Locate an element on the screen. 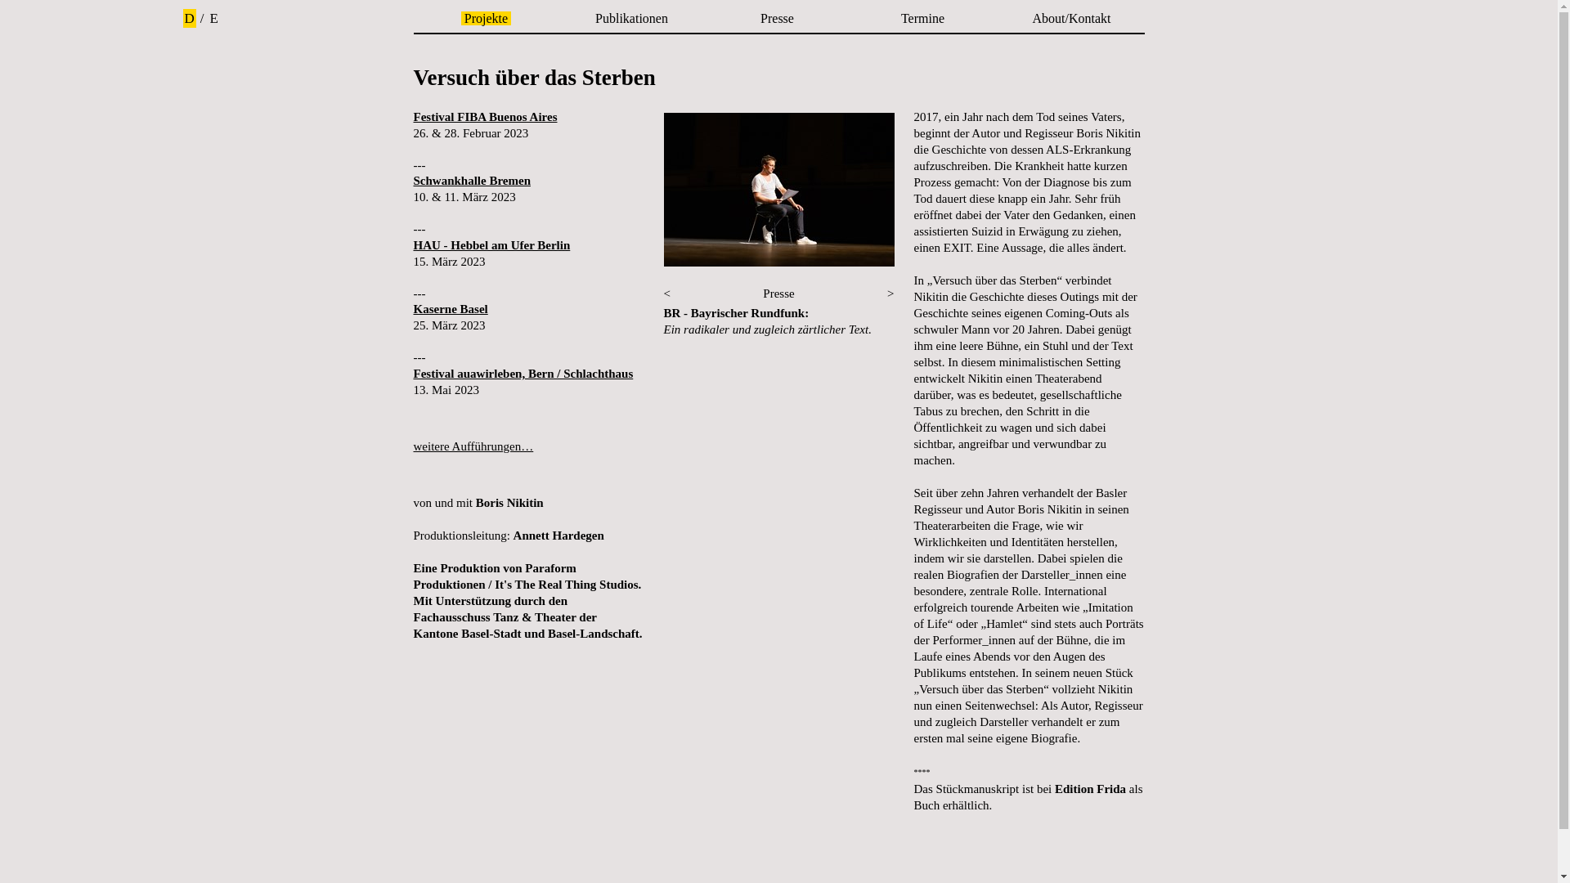 The height and width of the screenshot is (883, 1570). 'Termine' is located at coordinates (922, 18).